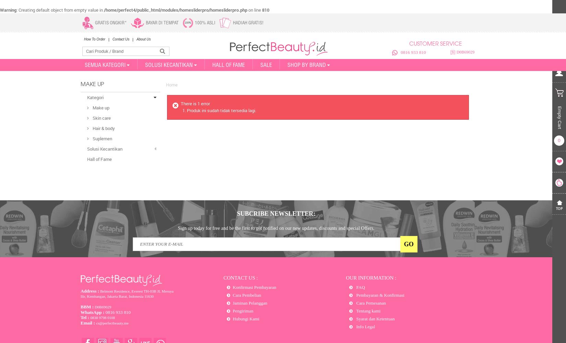  I want to click on 'D0B69029', so click(464, 52).